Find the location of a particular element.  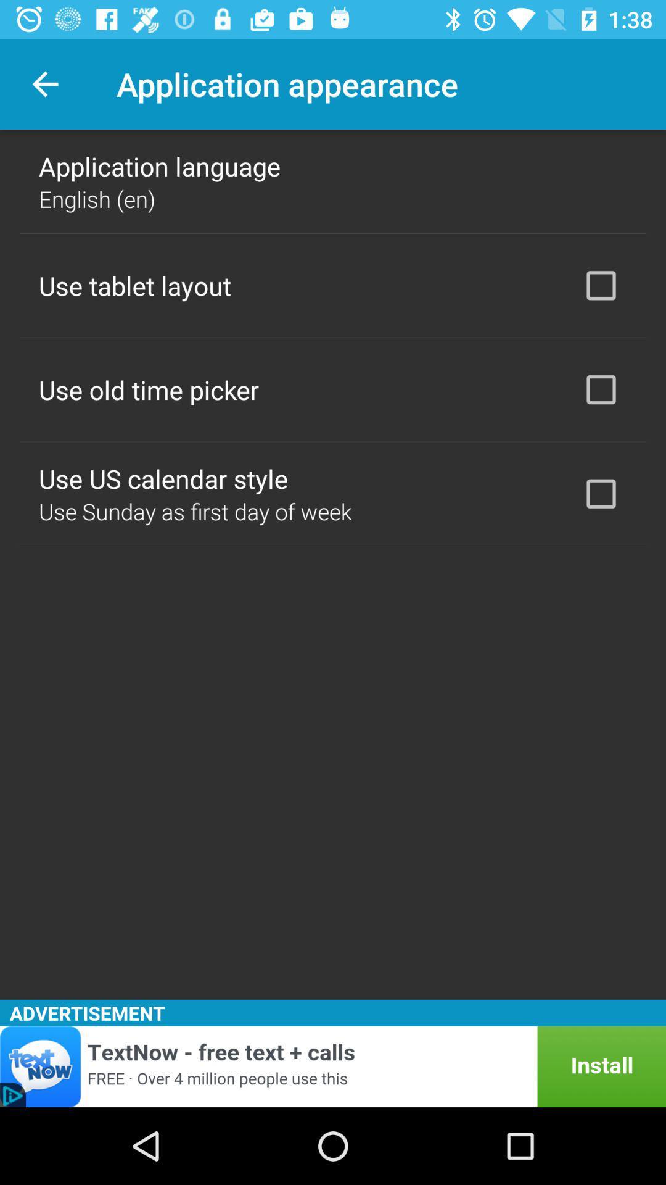

icon above the application language icon is located at coordinates (44, 83).